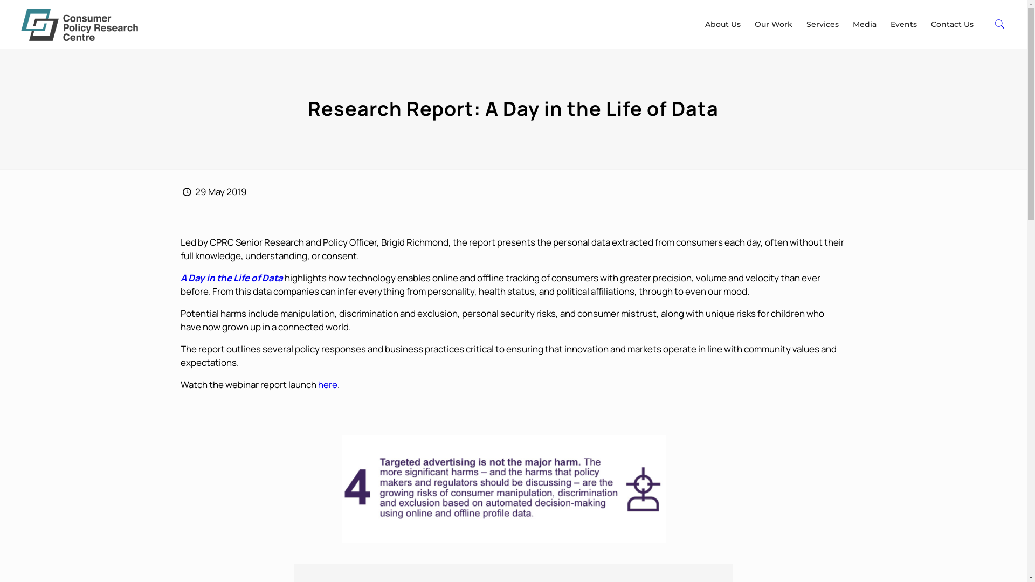 This screenshot has width=1035, height=582. I want to click on 'Events', so click(903, 24).